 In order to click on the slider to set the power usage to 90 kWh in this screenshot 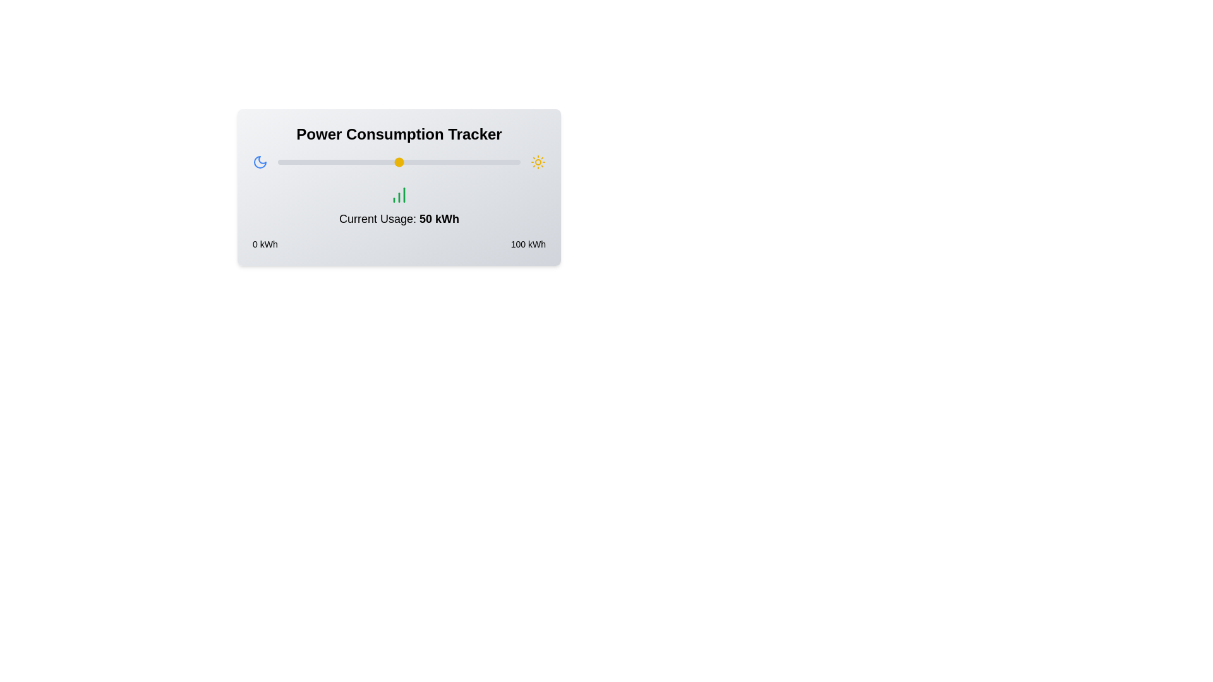, I will do `click(495, 162)`.